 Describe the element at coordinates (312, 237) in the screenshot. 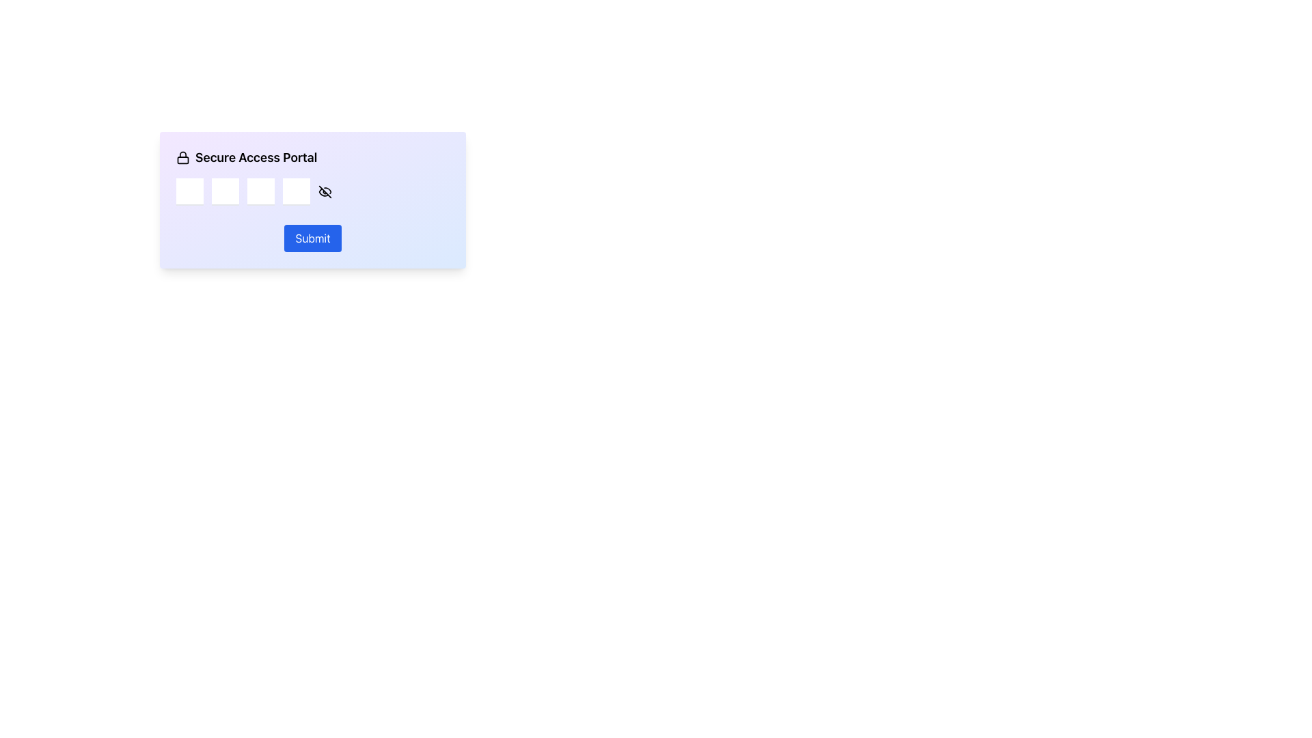

I see `the 'Submit' button located at the bottom right of the 'Secure Access Portal' card with a blue background and white text` at that location.